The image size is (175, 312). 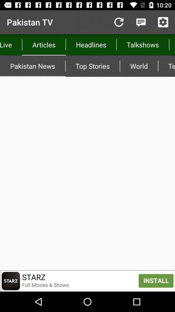 I want to click on the drama icon, so click(x=172, y=44).